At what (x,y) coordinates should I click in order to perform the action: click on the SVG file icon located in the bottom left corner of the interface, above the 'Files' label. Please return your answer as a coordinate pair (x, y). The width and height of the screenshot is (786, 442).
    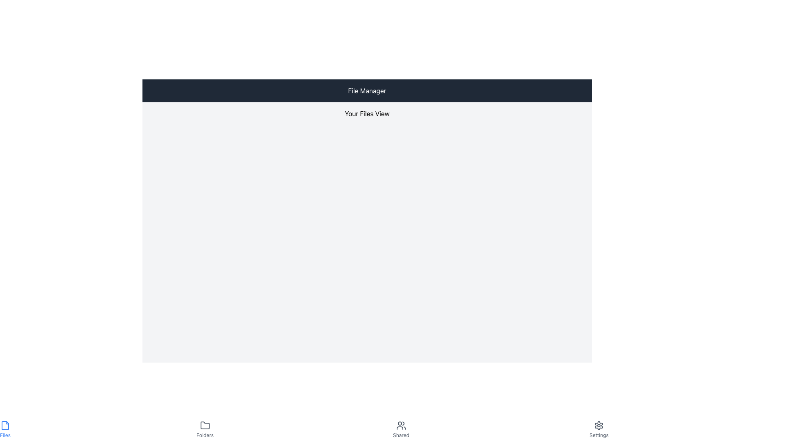
    Looking at the image, I should click on (5, 425).